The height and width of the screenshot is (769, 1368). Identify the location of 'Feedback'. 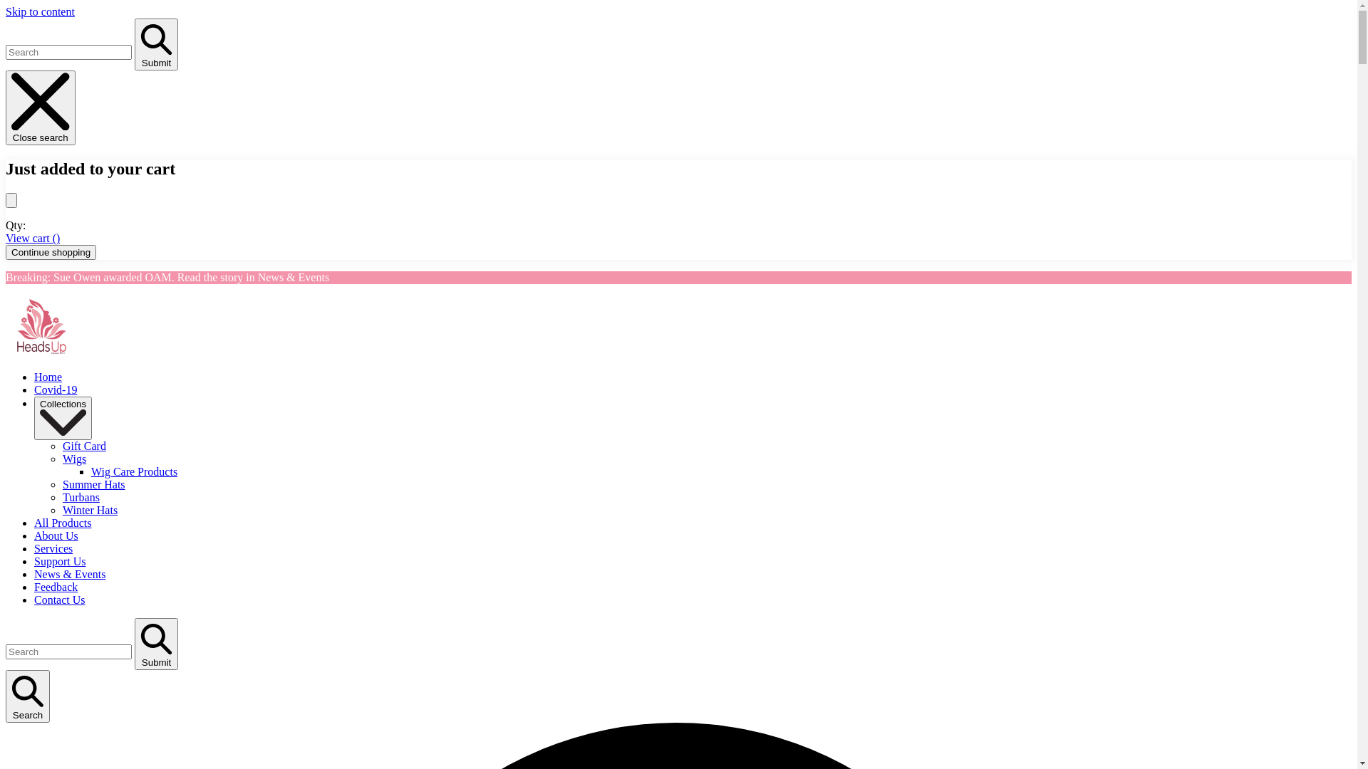
(56, 587).